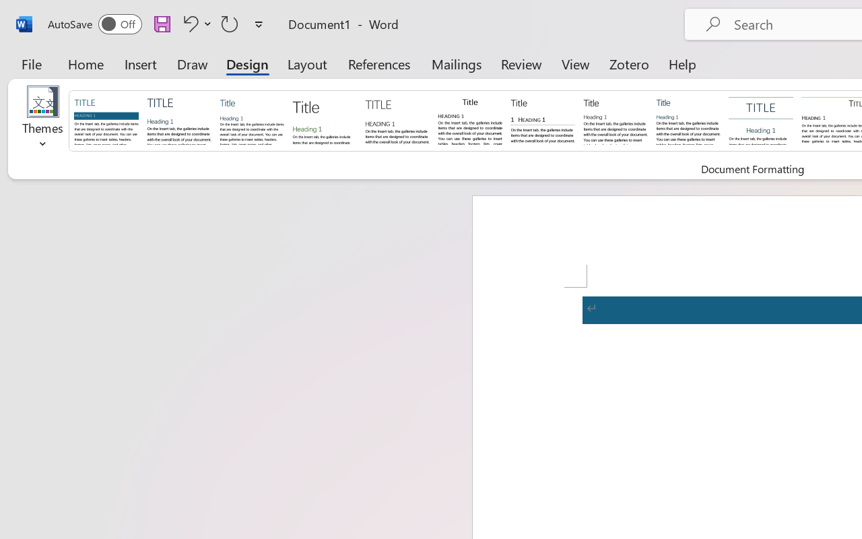 This screenshot has width=862, height=539. Describe the element at coordinates (178, 119) in the screenshot. I see `'Basic (Elegant)'` at that location.